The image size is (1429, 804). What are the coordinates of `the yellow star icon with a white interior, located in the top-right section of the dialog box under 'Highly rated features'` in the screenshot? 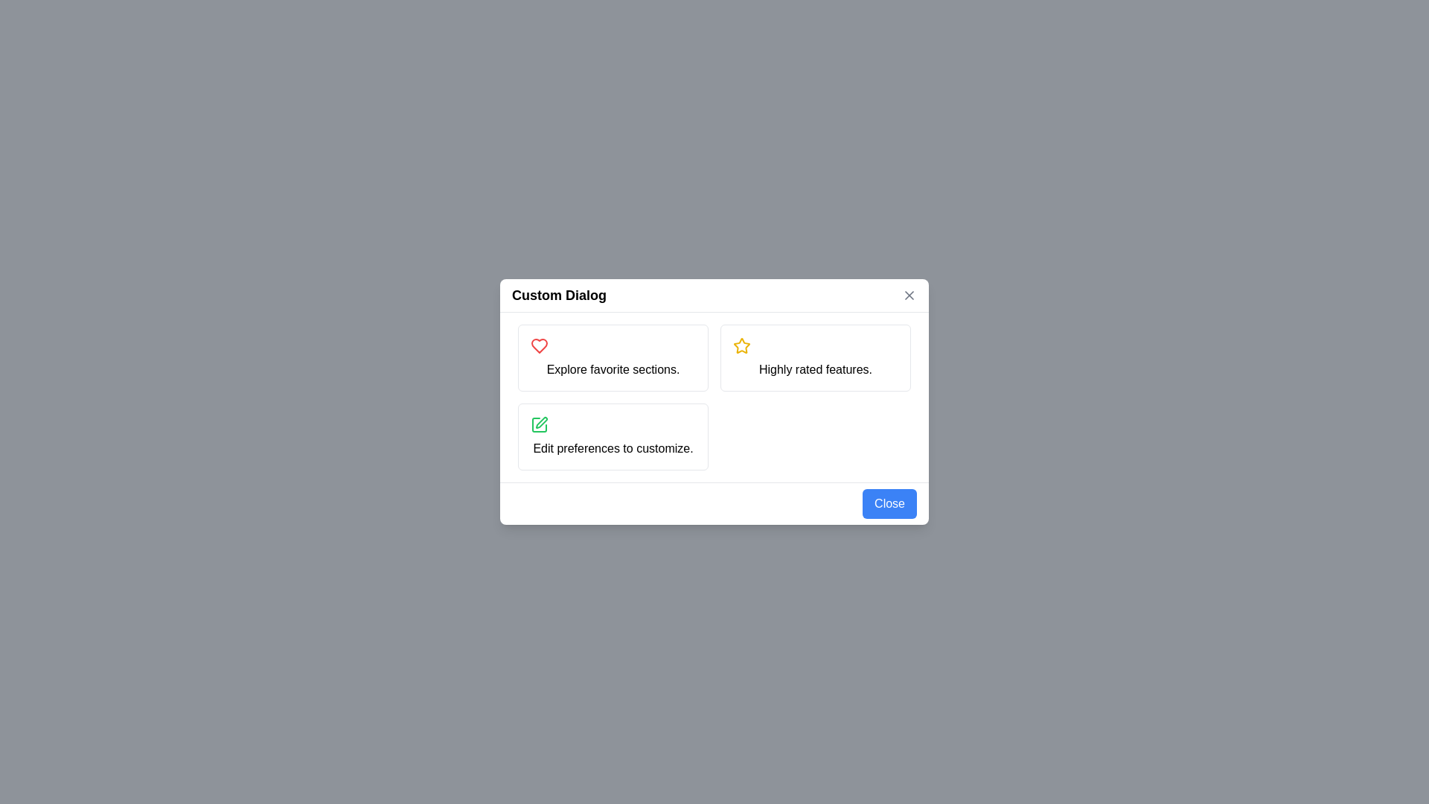 It's located at (742, 346).